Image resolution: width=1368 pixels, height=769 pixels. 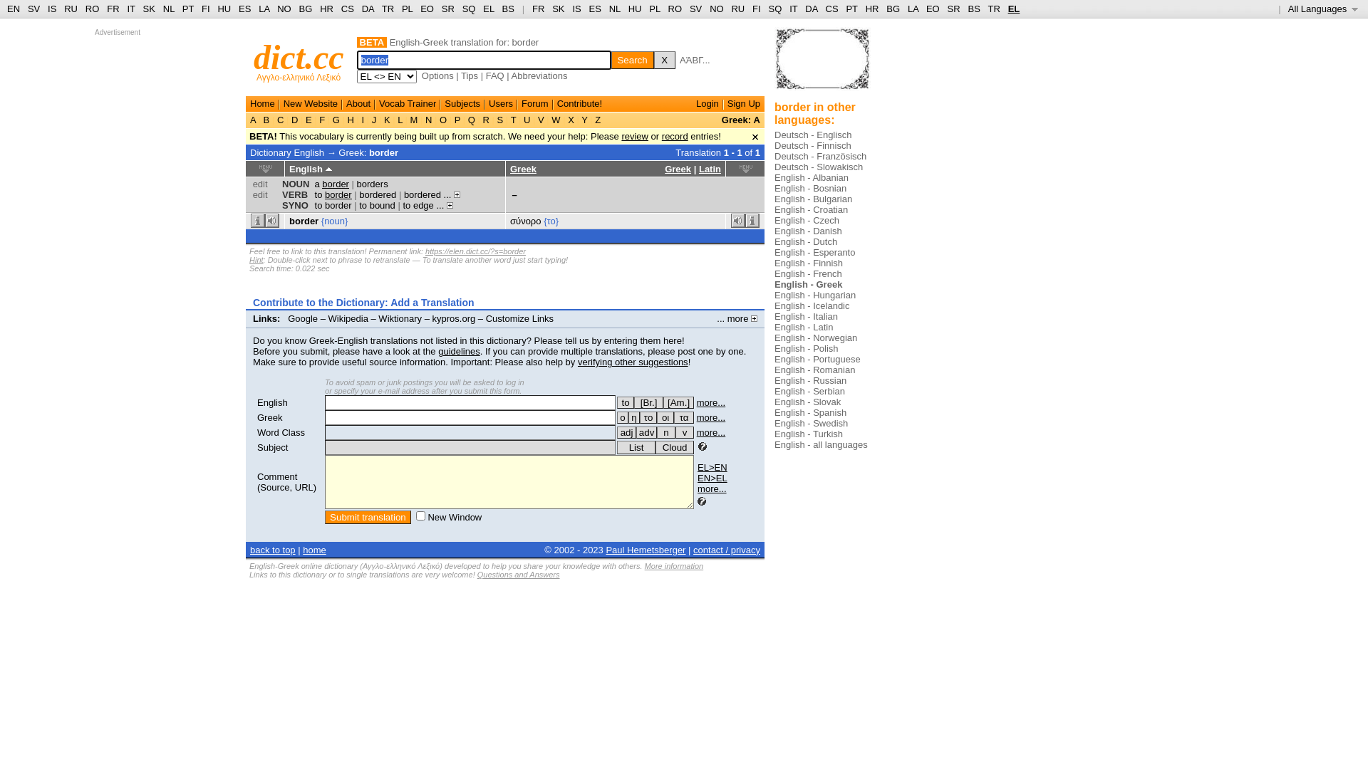 I want to click on 'Wiktionary', so click(x=399, y=318).